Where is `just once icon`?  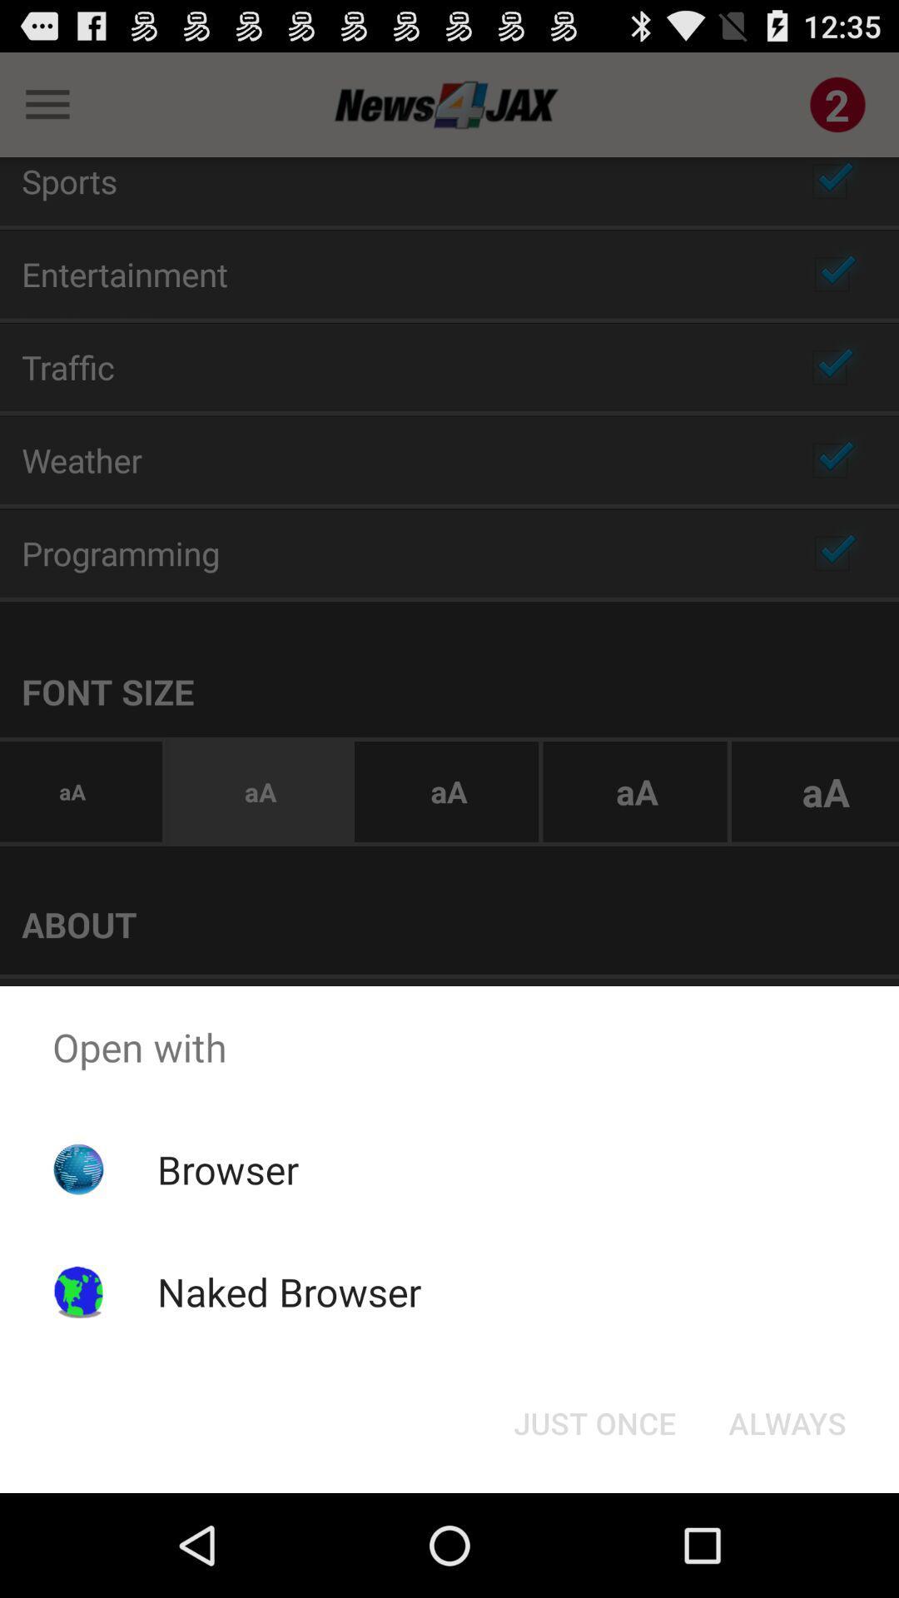 just once icon is located at coordinates (594, 1422).